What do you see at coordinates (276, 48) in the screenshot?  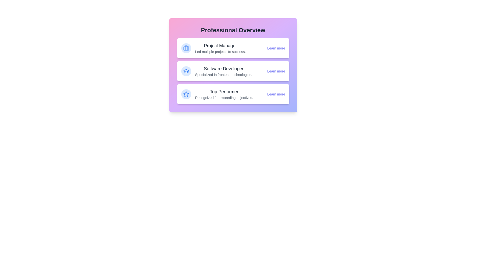 I see `the 'Learn more' link for the Project Manager profile` at bounding box center [276, 48].